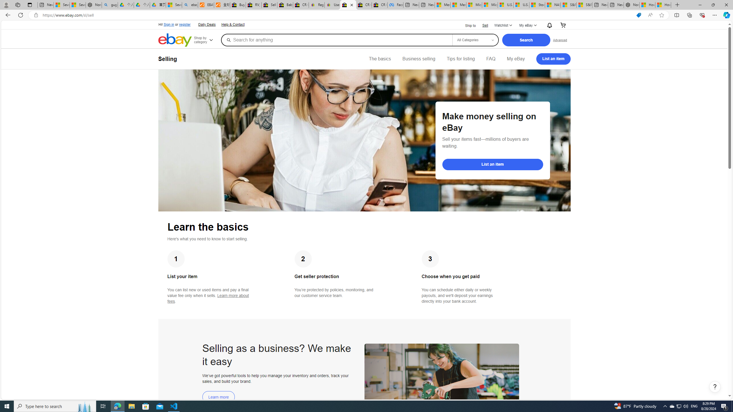 The height and width of the screenshot is (412, 733). What do you see at coordinates (238, 5) in the screenshot?
I see `'Buy Auto Parts & Accessories | eBay'` at bounding box center [238, 5].